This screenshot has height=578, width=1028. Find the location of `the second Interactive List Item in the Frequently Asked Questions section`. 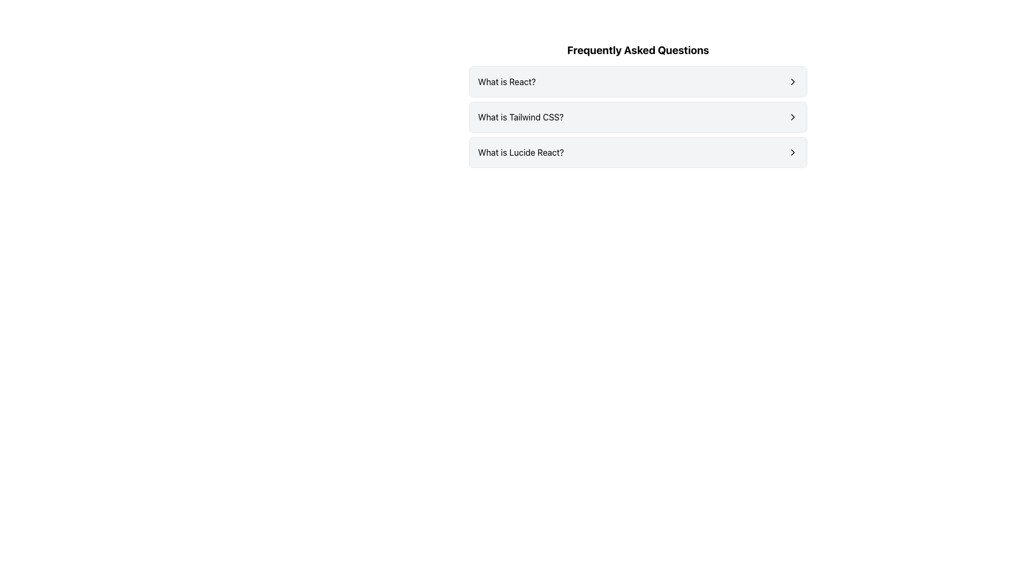

the second Interactive List Item in the Frequently Asked Questions section is located at coordinates (638, 105).